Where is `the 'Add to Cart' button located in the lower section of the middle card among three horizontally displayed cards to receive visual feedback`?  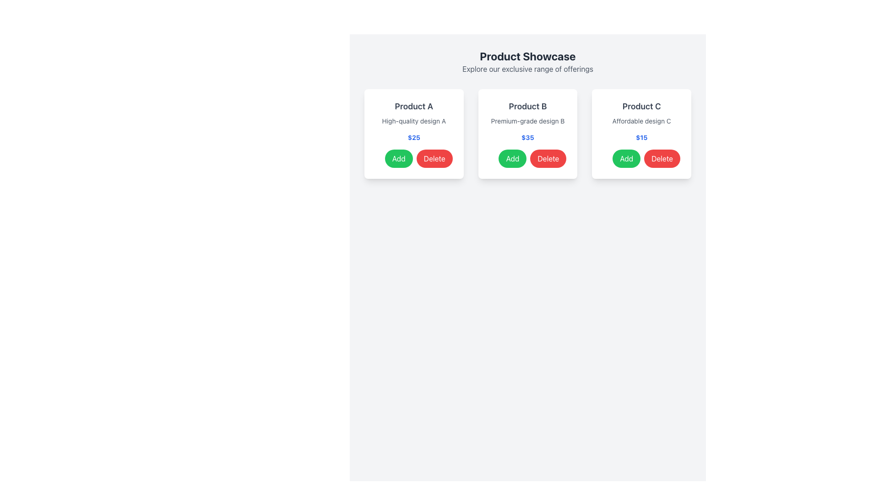 the 'Add to Cart' button located in the lower section of the middle card among three horizontally displayed cards to receive visual feedback is located at coordinates (512, 158).